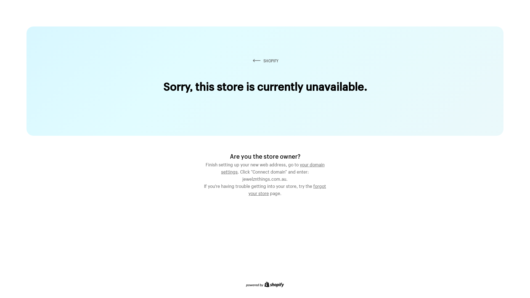  Describe the element at coordinates (273, 167) in the screenshot. I see `'your domain settings'` at that location.